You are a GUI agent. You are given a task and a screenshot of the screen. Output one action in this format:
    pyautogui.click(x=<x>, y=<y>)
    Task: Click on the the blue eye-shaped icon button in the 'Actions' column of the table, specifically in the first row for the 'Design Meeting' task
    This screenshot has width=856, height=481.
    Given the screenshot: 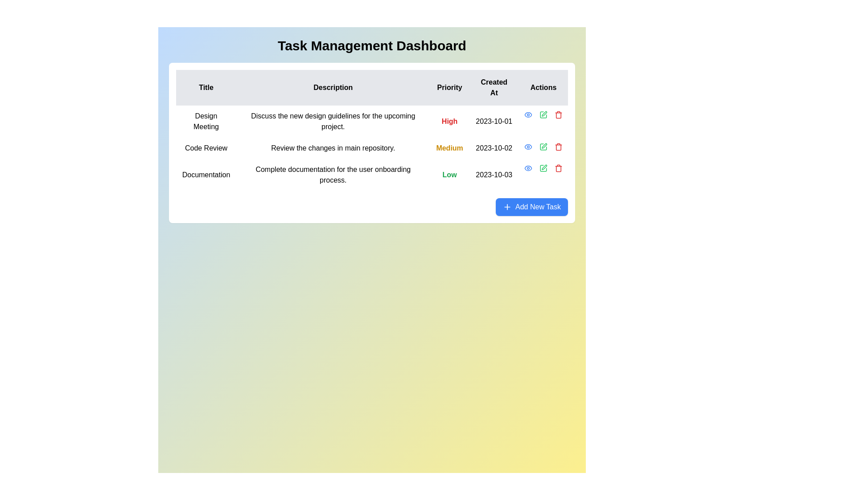 What is the action you would take?
    pyautogui.click(x=528, y=168)
    